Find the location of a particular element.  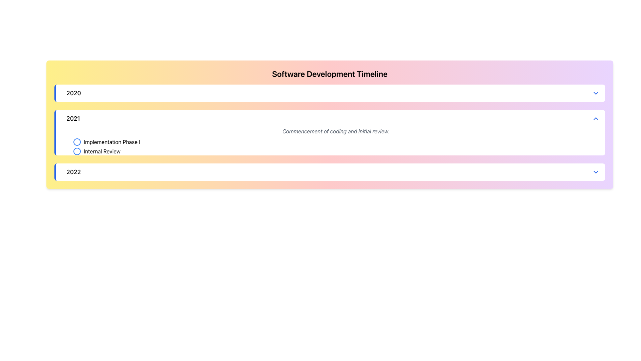

the static text label displaying the year '2020' is located at coordinates (73, 93).